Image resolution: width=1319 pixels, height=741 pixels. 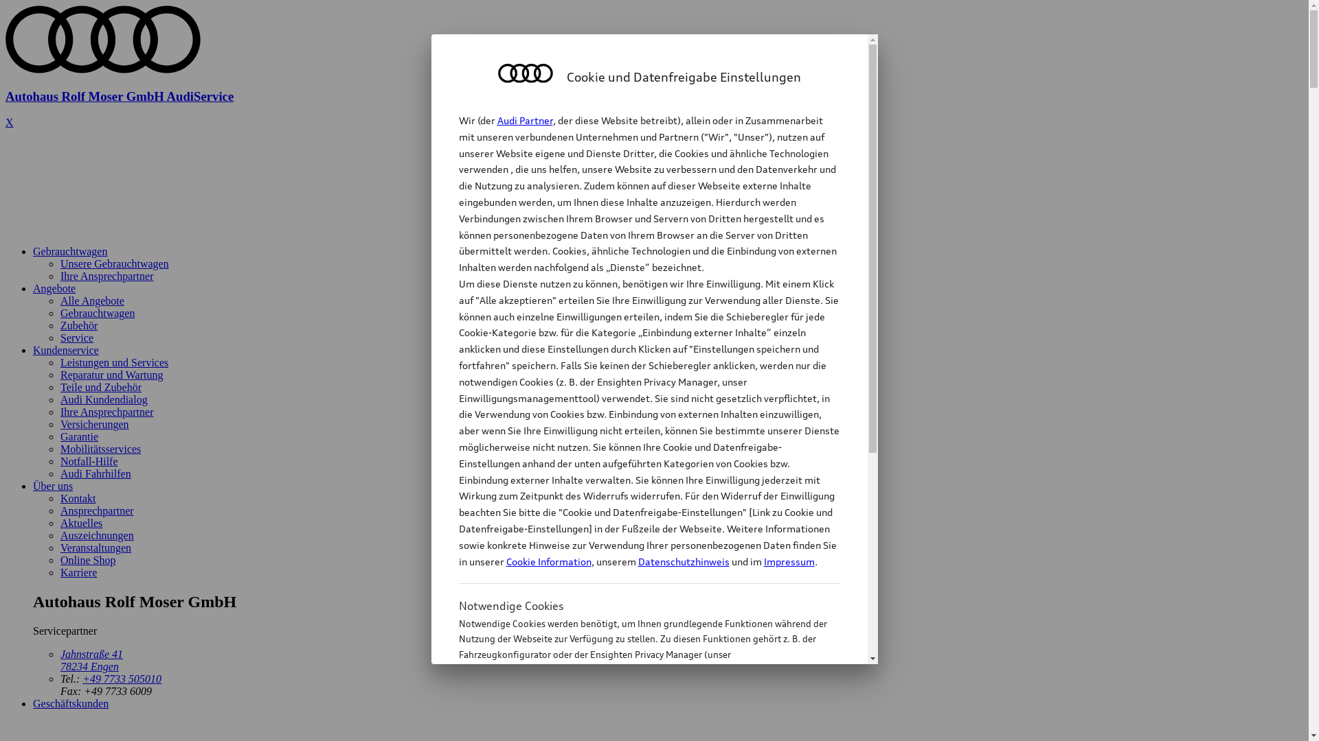 I want to click on 'Unsere Gebrauchtwagen', so click(x=115, y=263).